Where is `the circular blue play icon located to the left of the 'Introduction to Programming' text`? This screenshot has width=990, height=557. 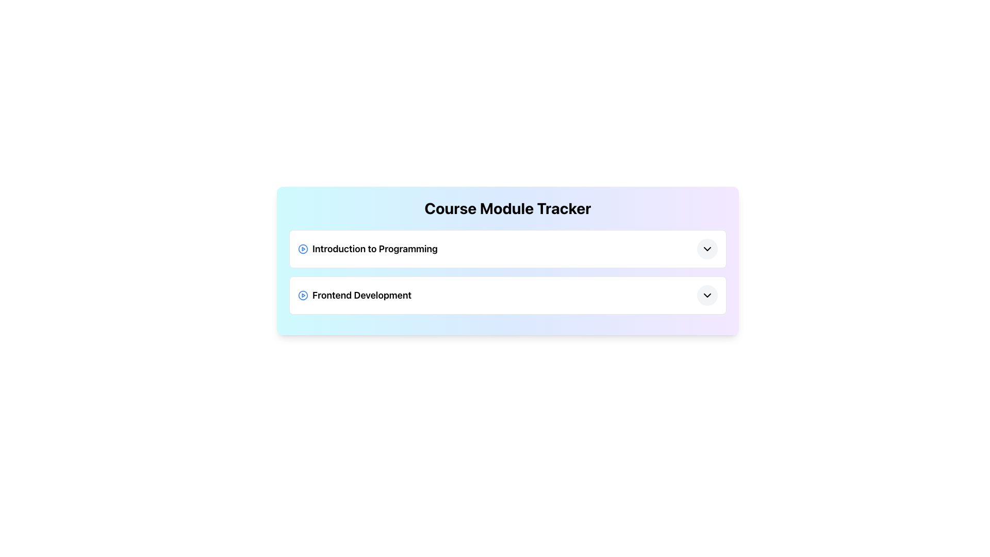 the circular blue play icon located to the left of the 'Introduction to Programming' text is located at coordinates (303, 249).